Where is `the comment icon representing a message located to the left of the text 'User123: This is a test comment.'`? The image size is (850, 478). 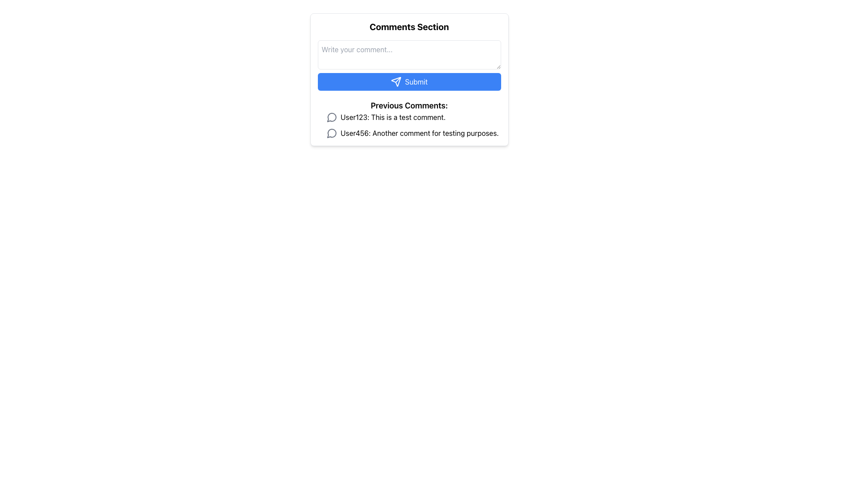
the comment icon representing a message located to the left of the text 'User123: This is a test comment.' is located at coordinates (331, 117).